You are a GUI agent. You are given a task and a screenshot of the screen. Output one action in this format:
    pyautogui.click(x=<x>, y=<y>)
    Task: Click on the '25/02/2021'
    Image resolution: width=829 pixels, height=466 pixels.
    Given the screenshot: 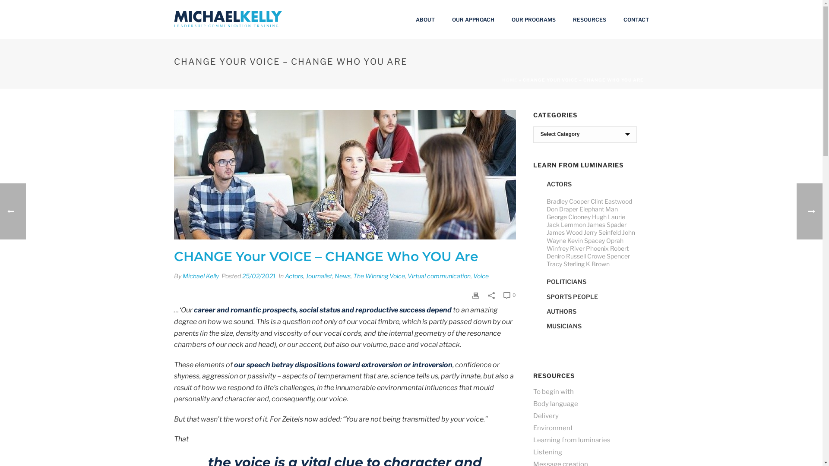 What is the action you would take?
    pyautogui.click(x=258, y=276)
    